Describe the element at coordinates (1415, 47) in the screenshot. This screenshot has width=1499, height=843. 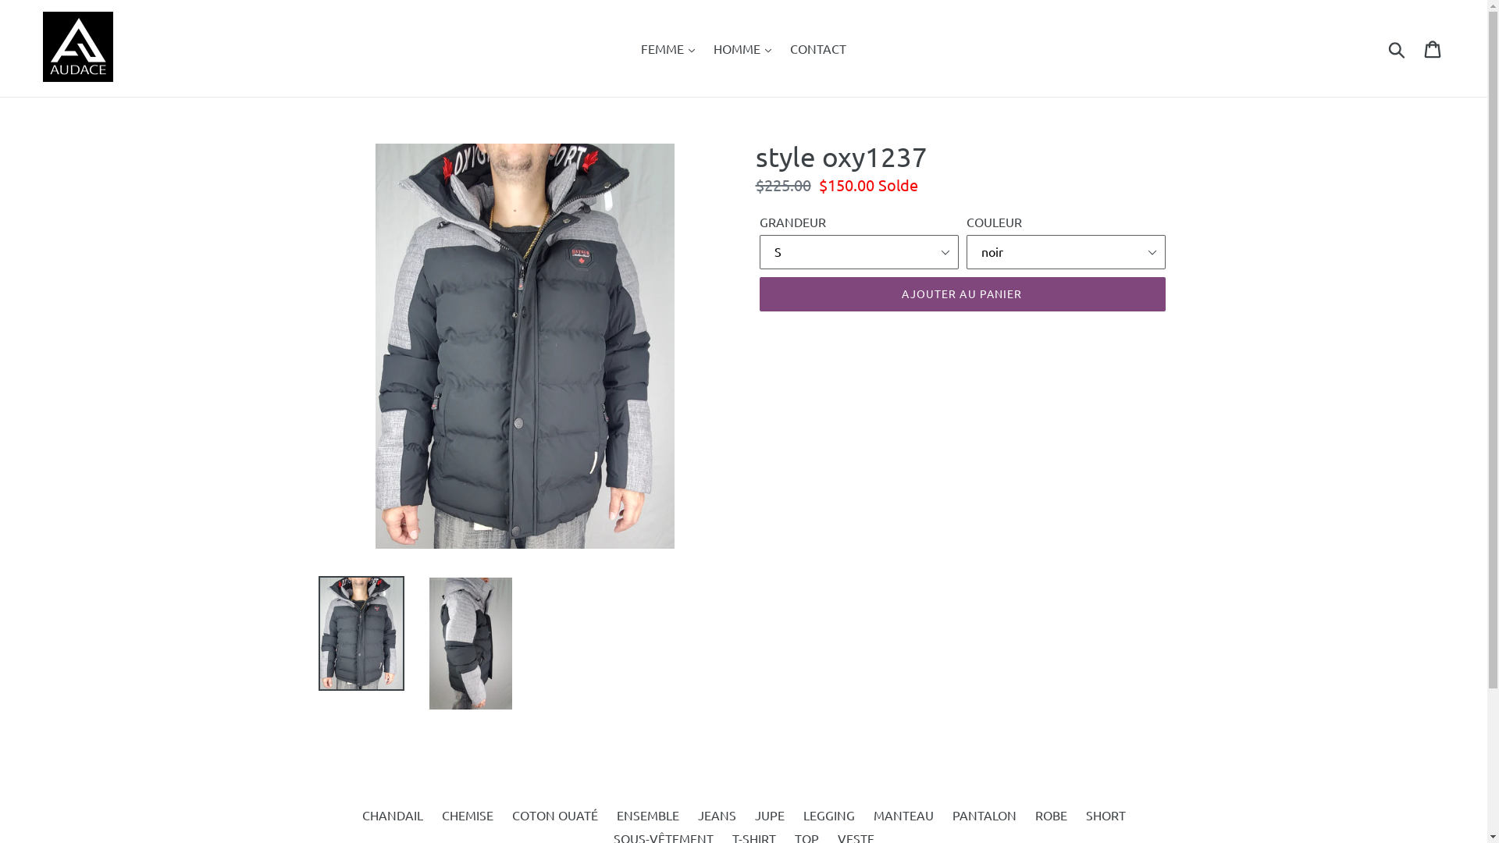
I see `'Panier'` at that location.